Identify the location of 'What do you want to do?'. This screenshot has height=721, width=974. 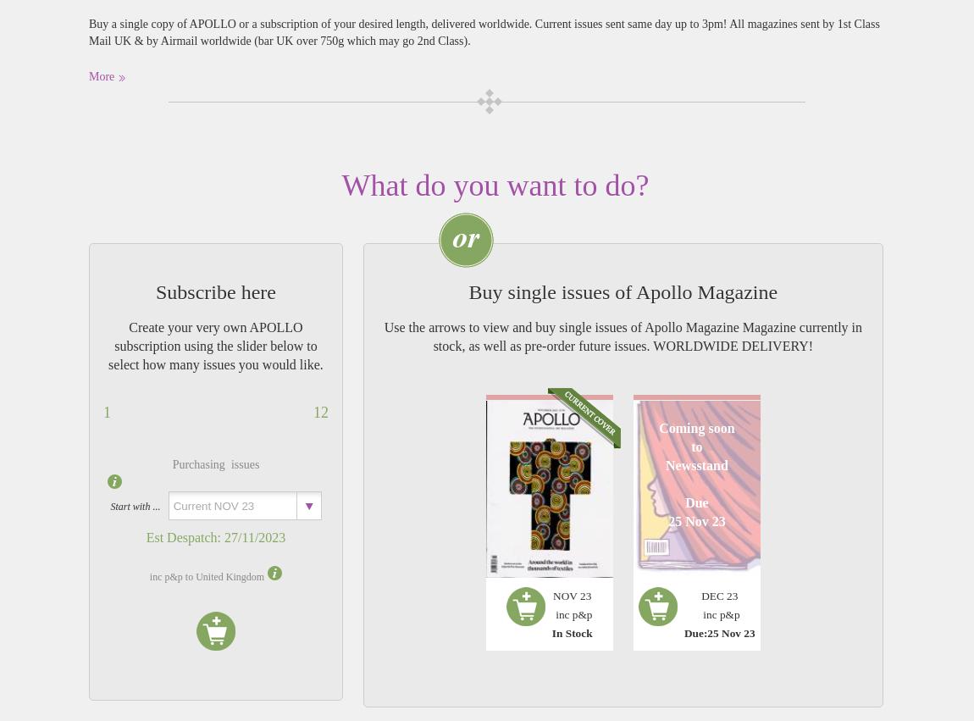
(340, 185).